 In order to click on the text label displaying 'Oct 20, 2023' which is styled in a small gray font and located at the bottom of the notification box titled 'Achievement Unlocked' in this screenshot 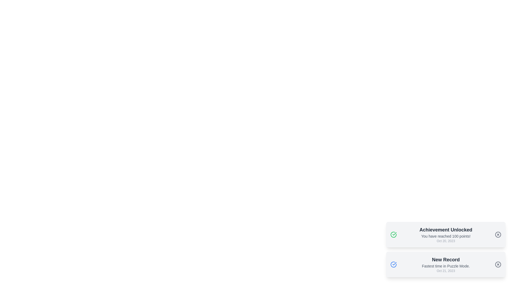, I will do `click(446, 241)`.